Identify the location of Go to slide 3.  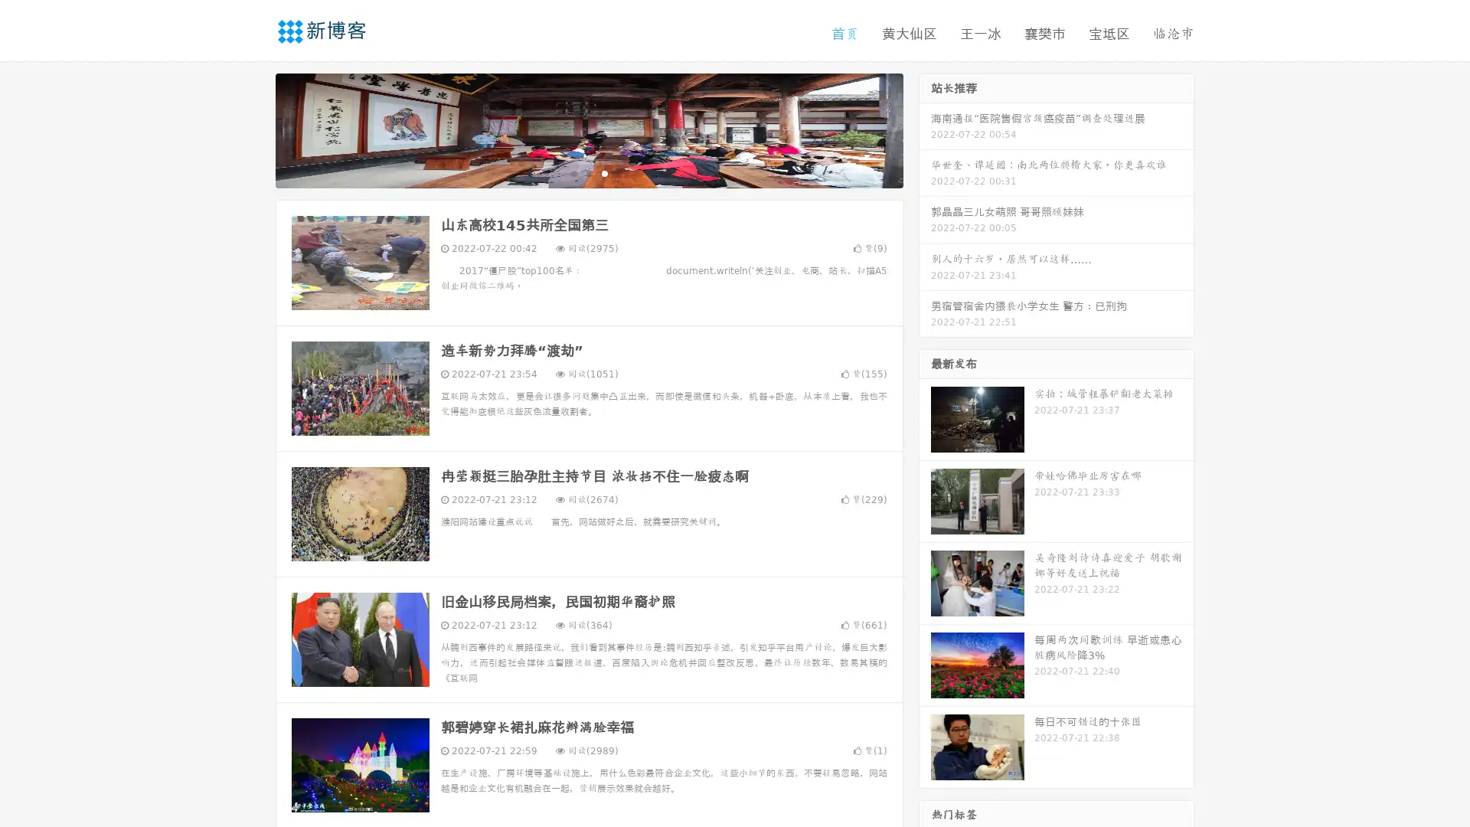
(604, 172).